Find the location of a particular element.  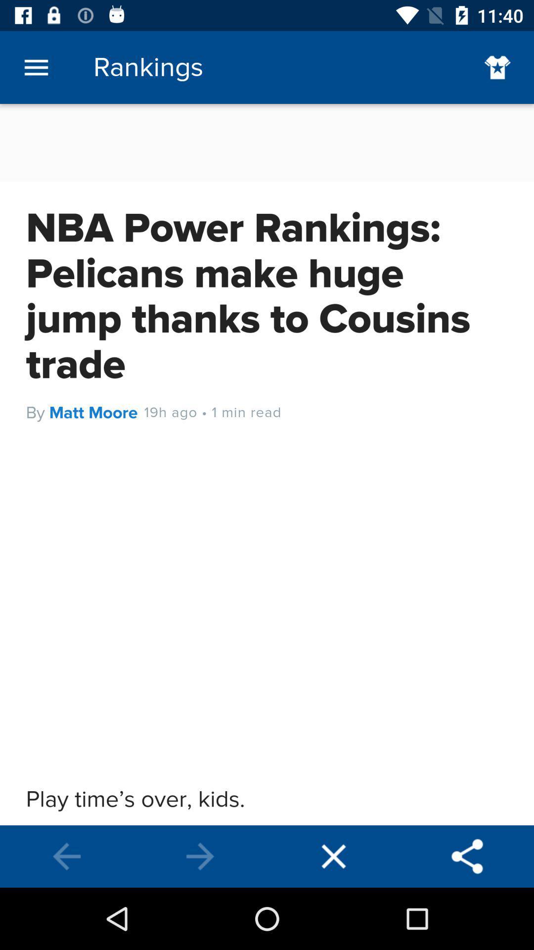

article display is located at coordinates (267, 464).